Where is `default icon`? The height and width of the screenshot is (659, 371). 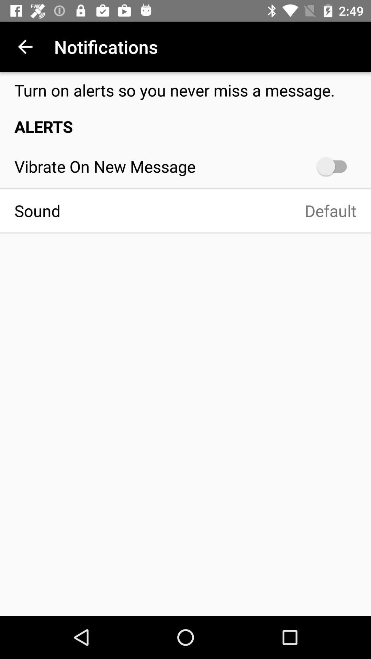
default icon is located at coordinates (215, 210).